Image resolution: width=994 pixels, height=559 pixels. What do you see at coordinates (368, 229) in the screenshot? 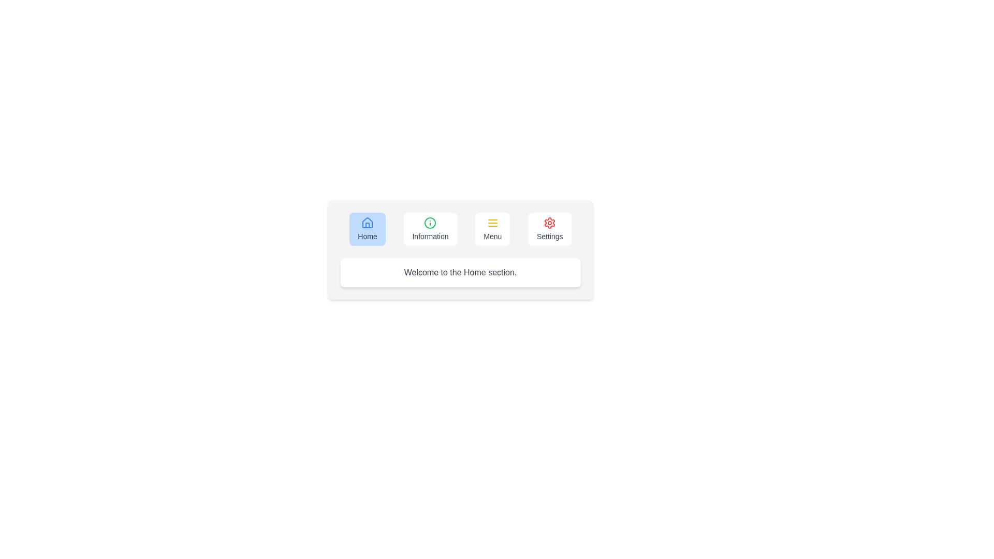
I see `the 'Home' button, which is the first button in the navigation bar with a light blue background and a house icon` at bounding box center [368, 229].